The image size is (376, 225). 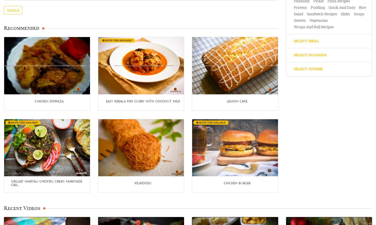 I want to click on 'Select Cuisine', so click(x=308, y=69).